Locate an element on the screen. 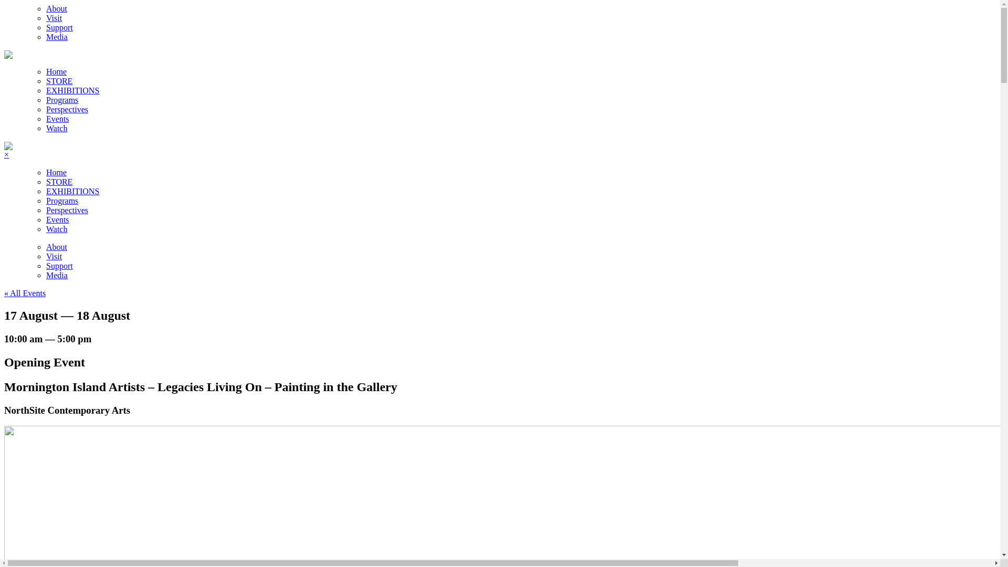  'Support' is located at coordinates (59, 265).